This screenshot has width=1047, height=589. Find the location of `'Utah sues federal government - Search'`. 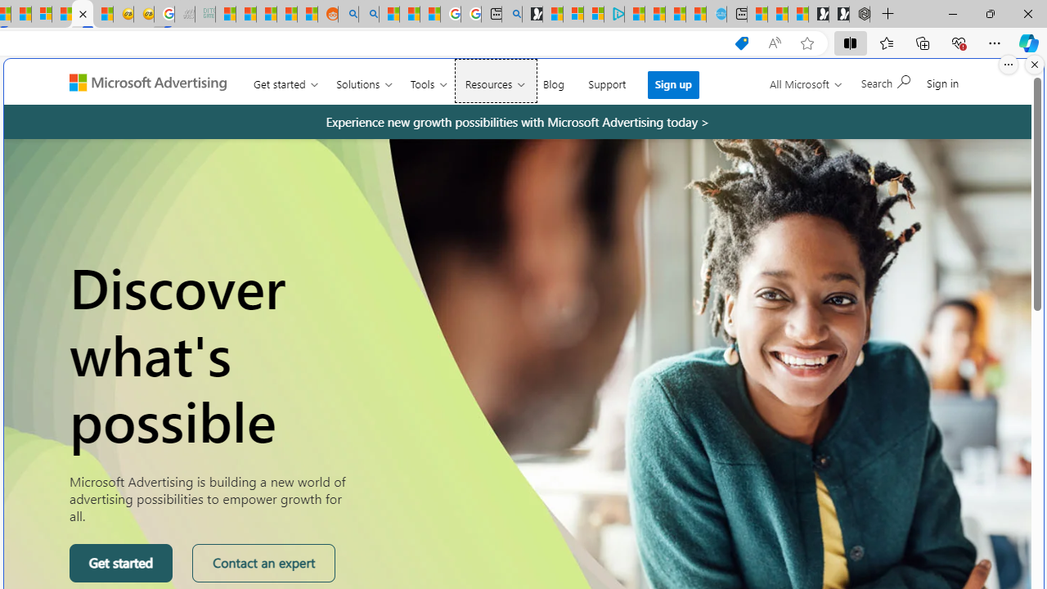

'Utah sues federal government - Search' is located at coordinates (368, 14).